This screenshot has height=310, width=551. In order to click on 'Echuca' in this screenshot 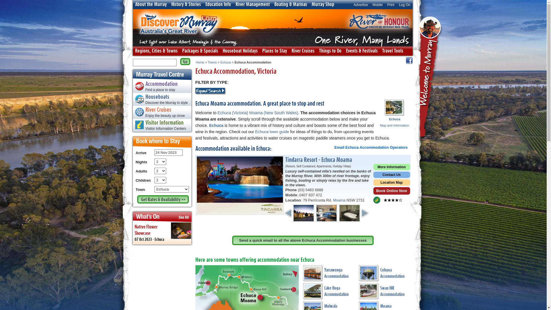, I will do `click(209, 125)`.